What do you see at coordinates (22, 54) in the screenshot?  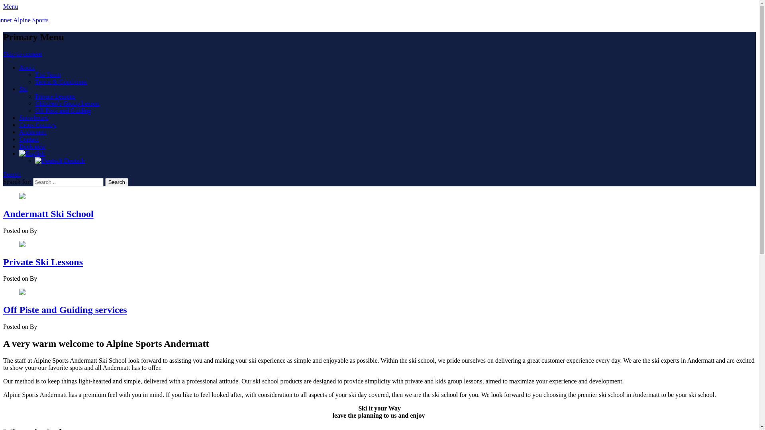 I see `'Skip to content'` at bounding box center [22, 54].